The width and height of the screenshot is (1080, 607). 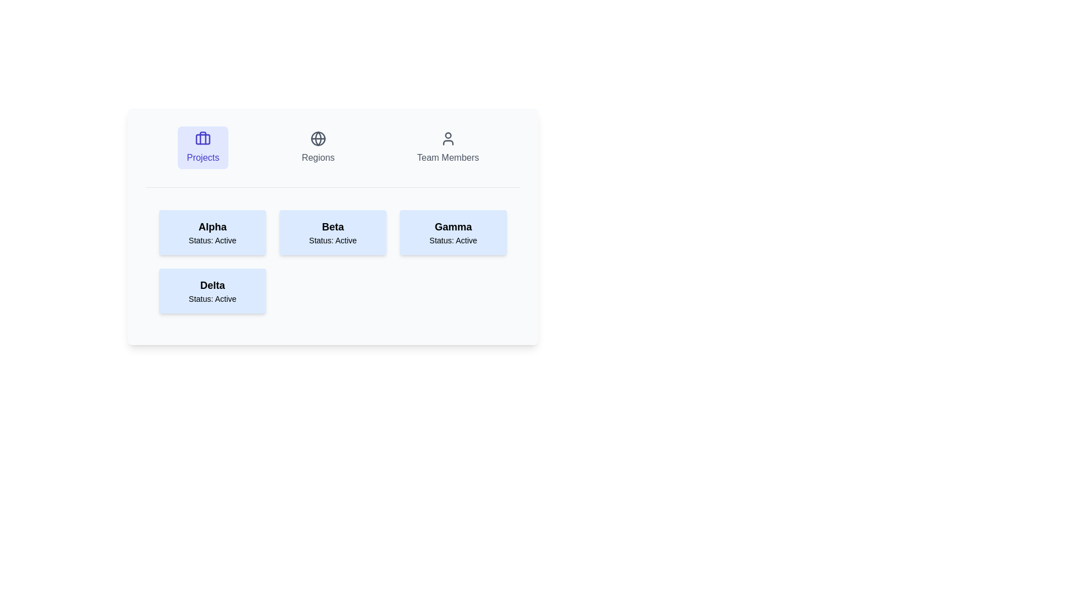 I want to click on the Team Members tab by clicking on its button, so click(x=447, y=147).